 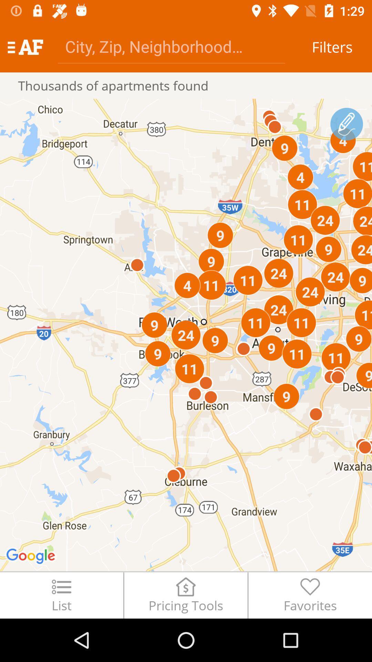 I want to click on icon below the filters item, so click(x=347, y=124).